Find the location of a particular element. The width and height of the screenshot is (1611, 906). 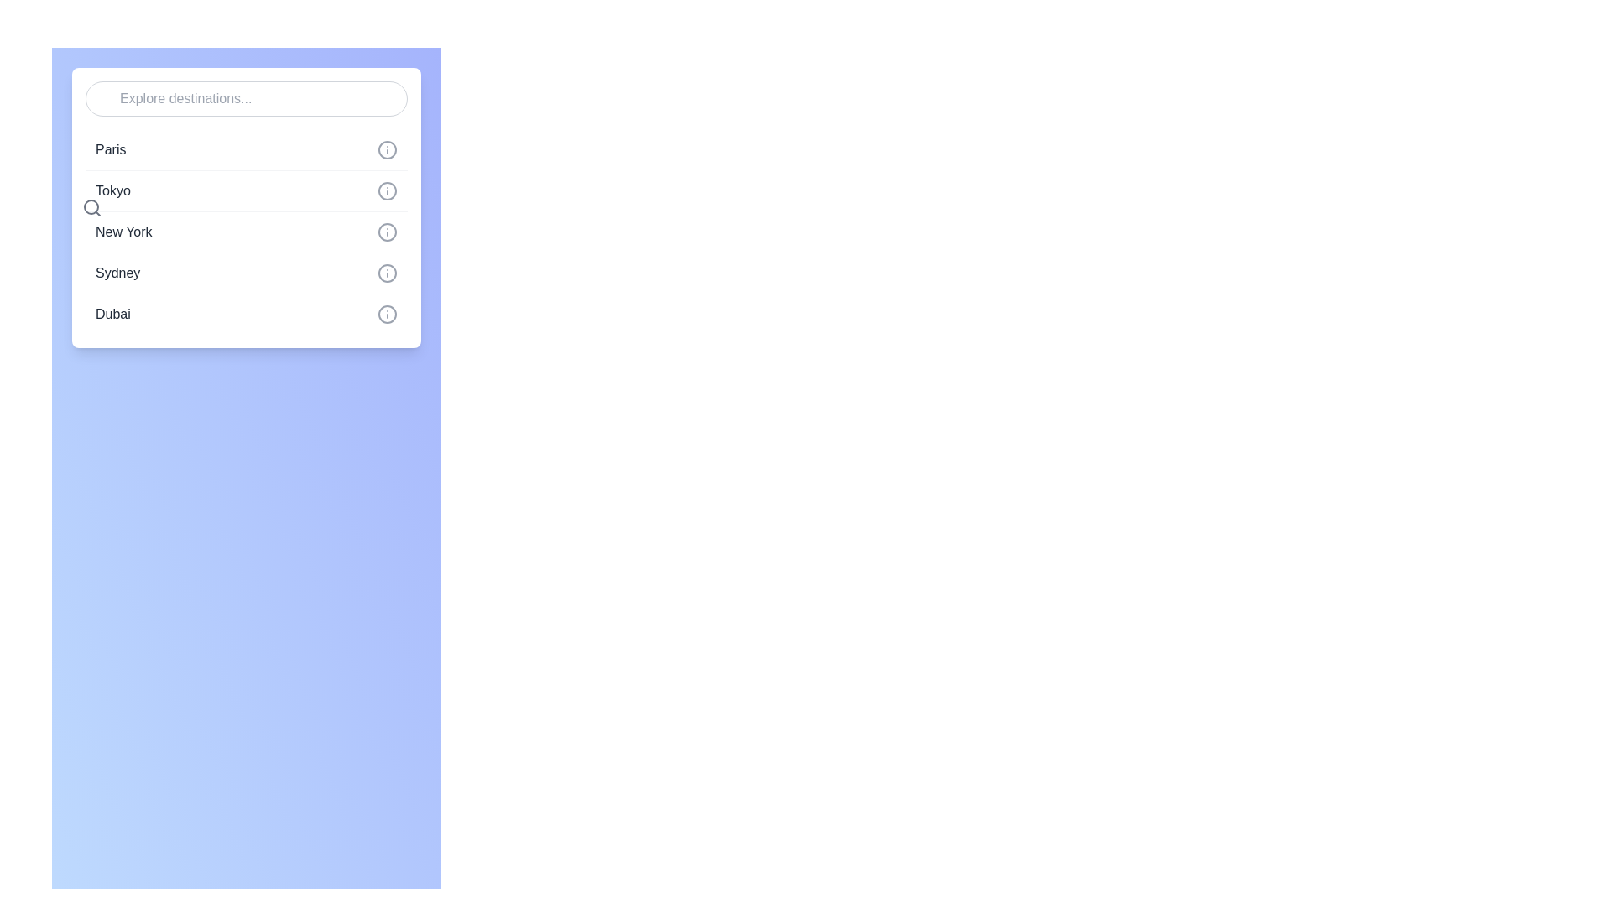

the circular icon with a gray outline and central dot, located to the right of the text 'Dubai', in the last row below 'Explore destinations...' is located at coordinates (386, 314).